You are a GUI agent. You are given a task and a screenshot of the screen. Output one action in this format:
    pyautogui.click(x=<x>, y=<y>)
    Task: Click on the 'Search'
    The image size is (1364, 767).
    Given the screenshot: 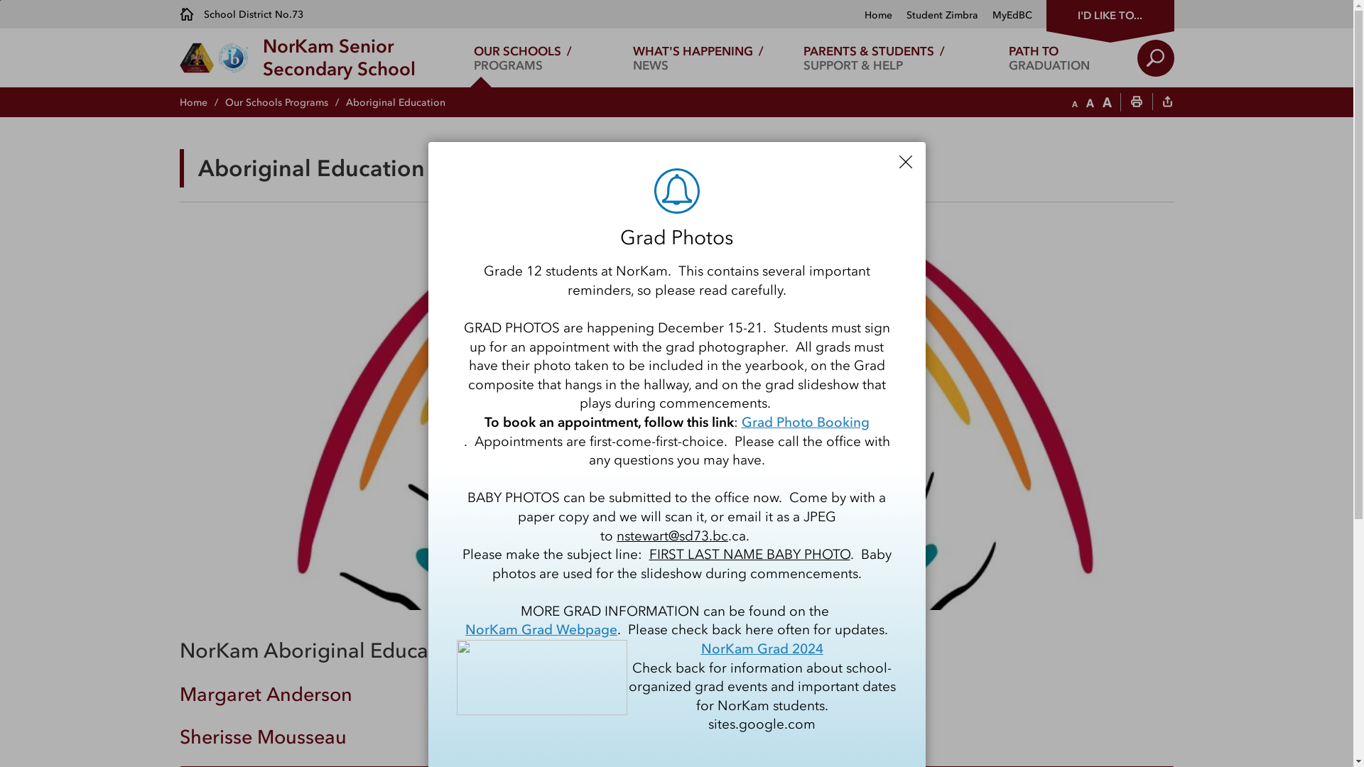 What is the action you would take?
    pyautogui.click(x=1155, y=57)
    